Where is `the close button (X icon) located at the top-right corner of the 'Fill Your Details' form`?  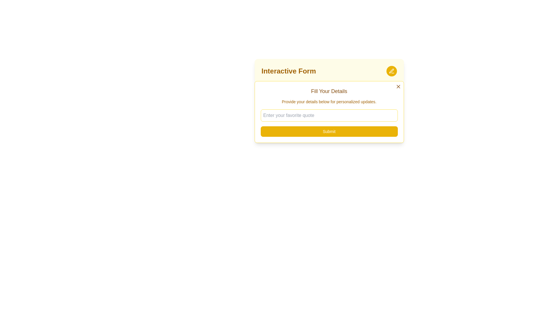
the close button (X icon) located at the top-right corner of the 'Fill Your Details' form is located at coordinates (398, 87).